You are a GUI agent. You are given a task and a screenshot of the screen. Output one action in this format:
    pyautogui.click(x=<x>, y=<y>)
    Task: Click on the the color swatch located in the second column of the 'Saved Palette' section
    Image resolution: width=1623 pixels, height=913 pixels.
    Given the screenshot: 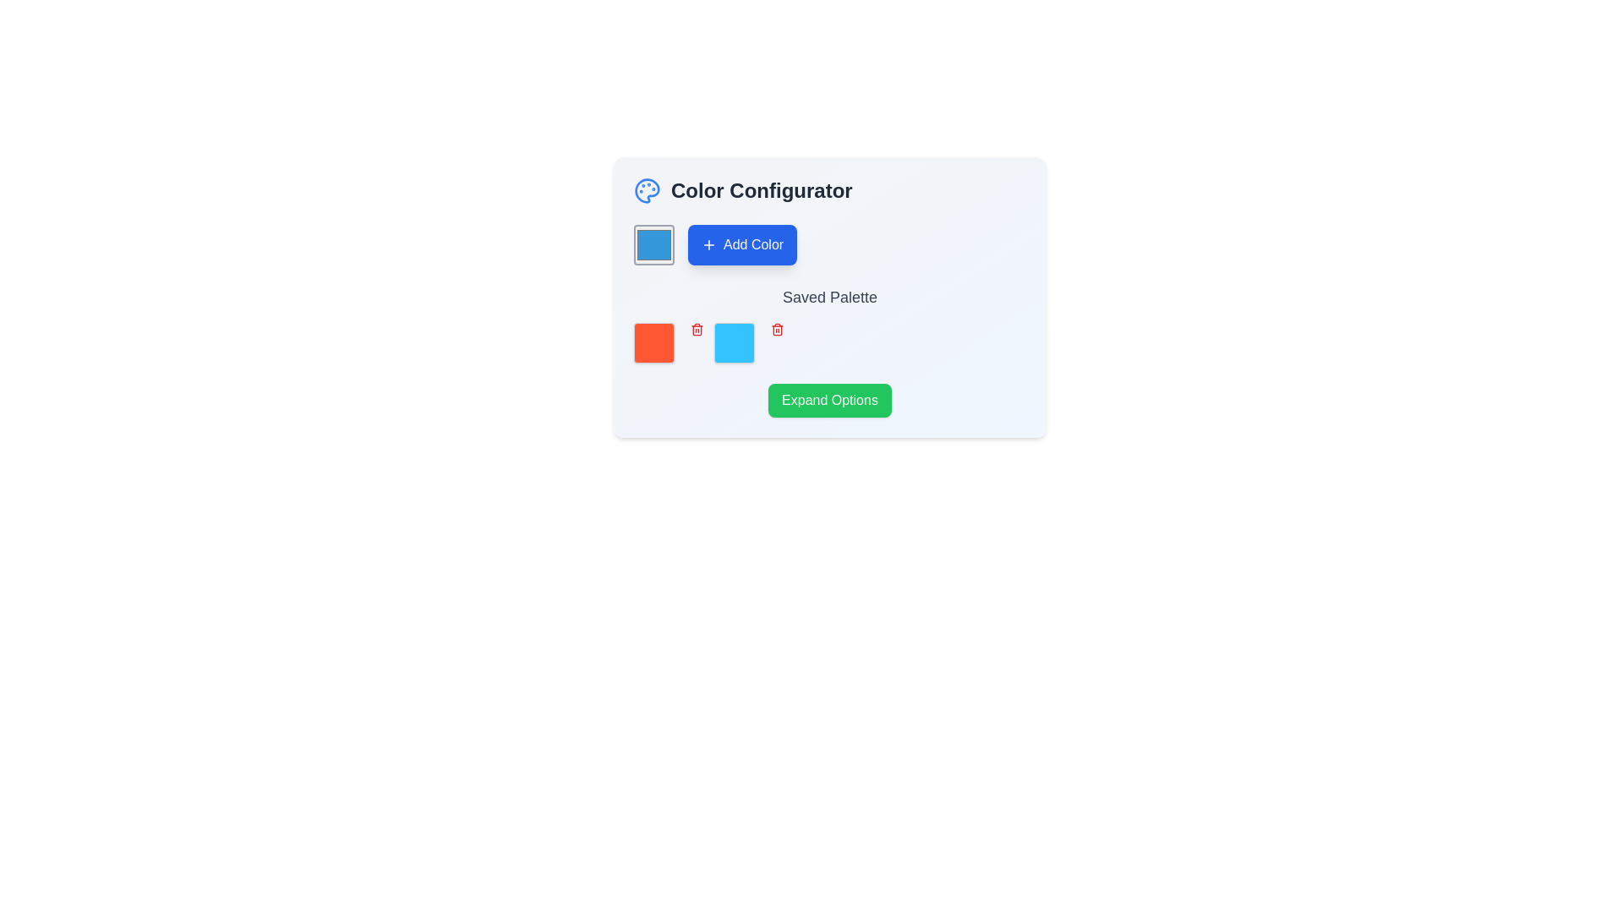 What is the action you would take?
    pyautogui.click(x=735, y=342)
    